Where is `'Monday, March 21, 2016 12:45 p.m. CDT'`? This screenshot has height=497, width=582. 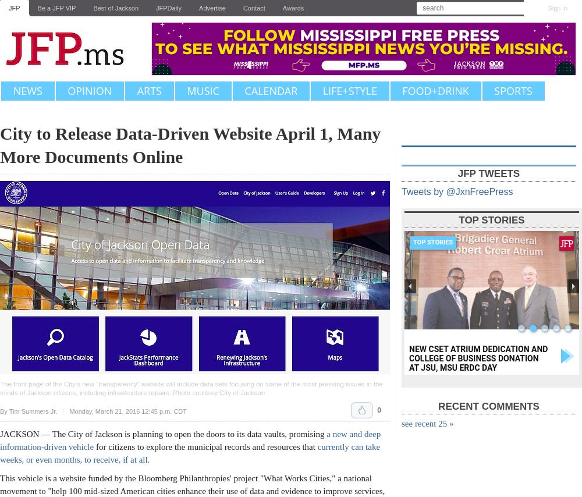
'Monday, March 21, 2016 12:45 p.m. CDT' is located at coordinates (127, 411).